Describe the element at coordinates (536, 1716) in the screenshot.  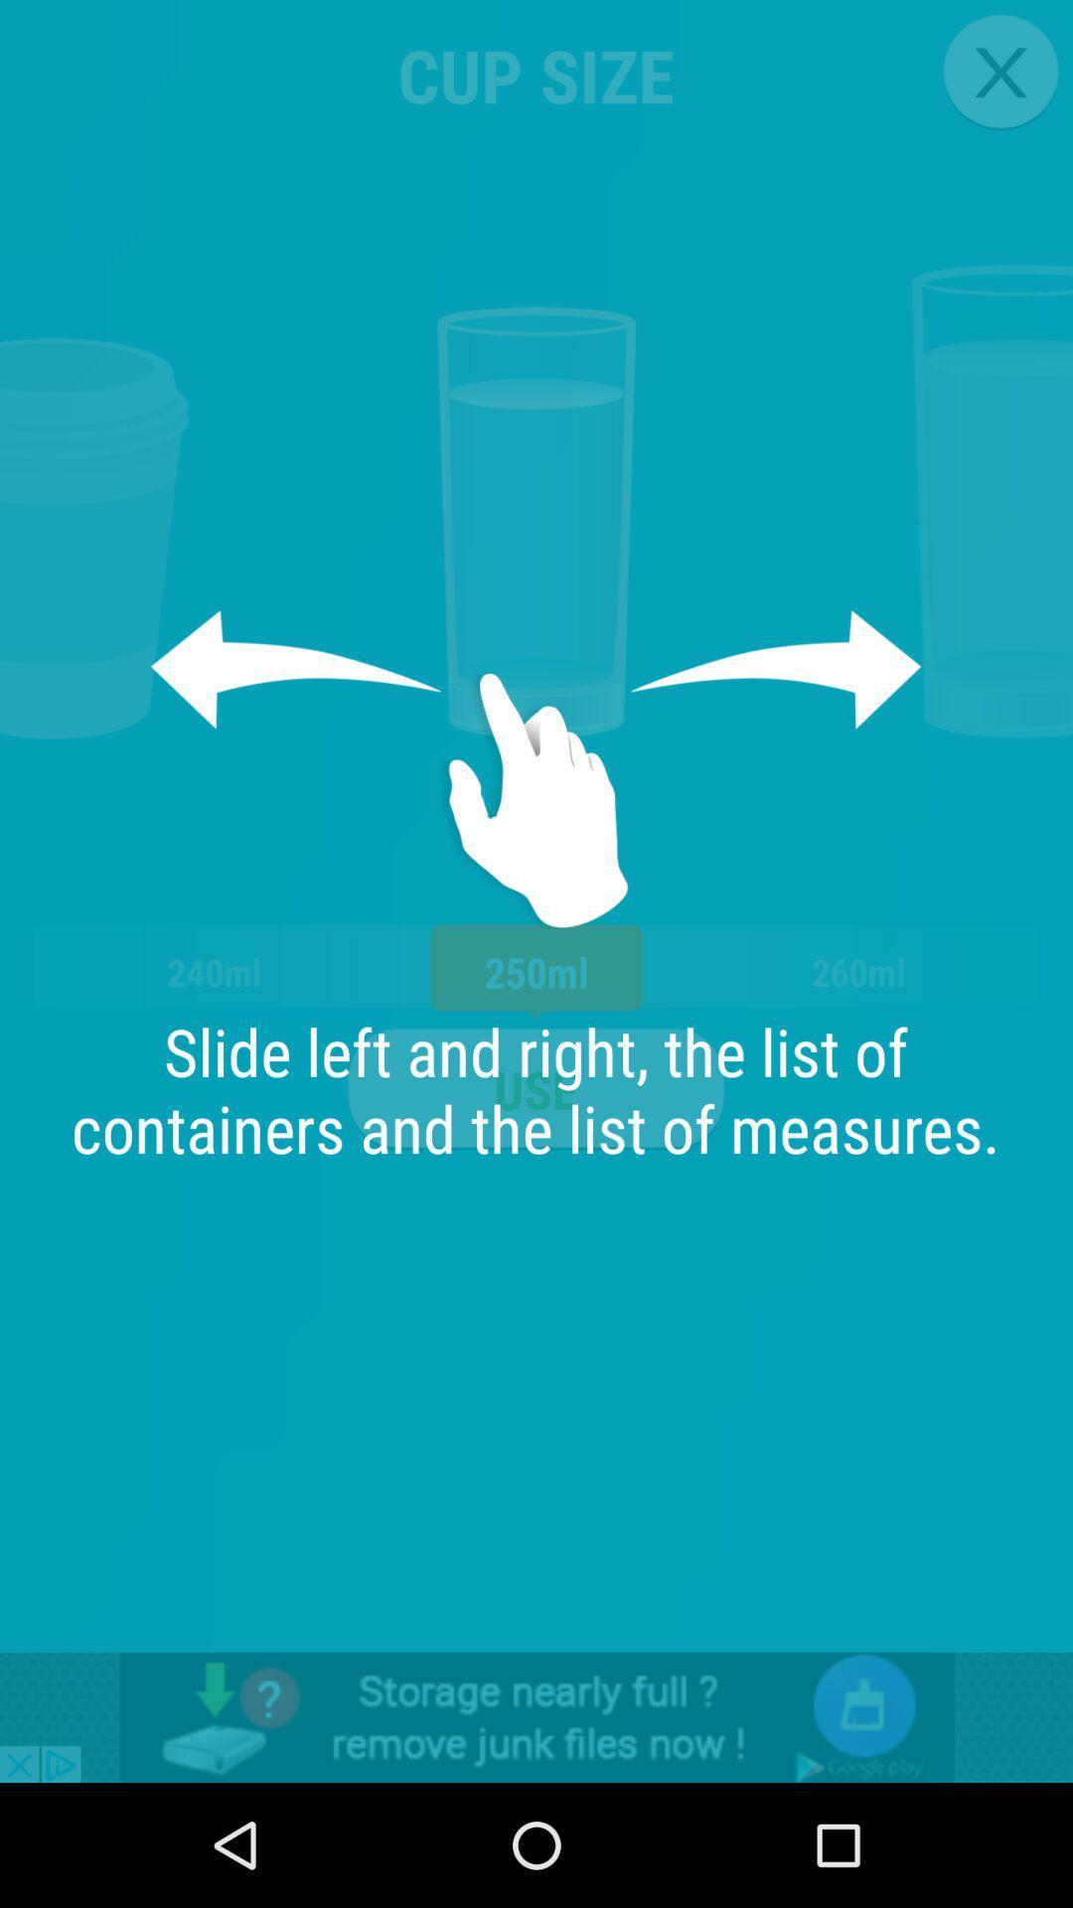
I see `advertisement` at that location.